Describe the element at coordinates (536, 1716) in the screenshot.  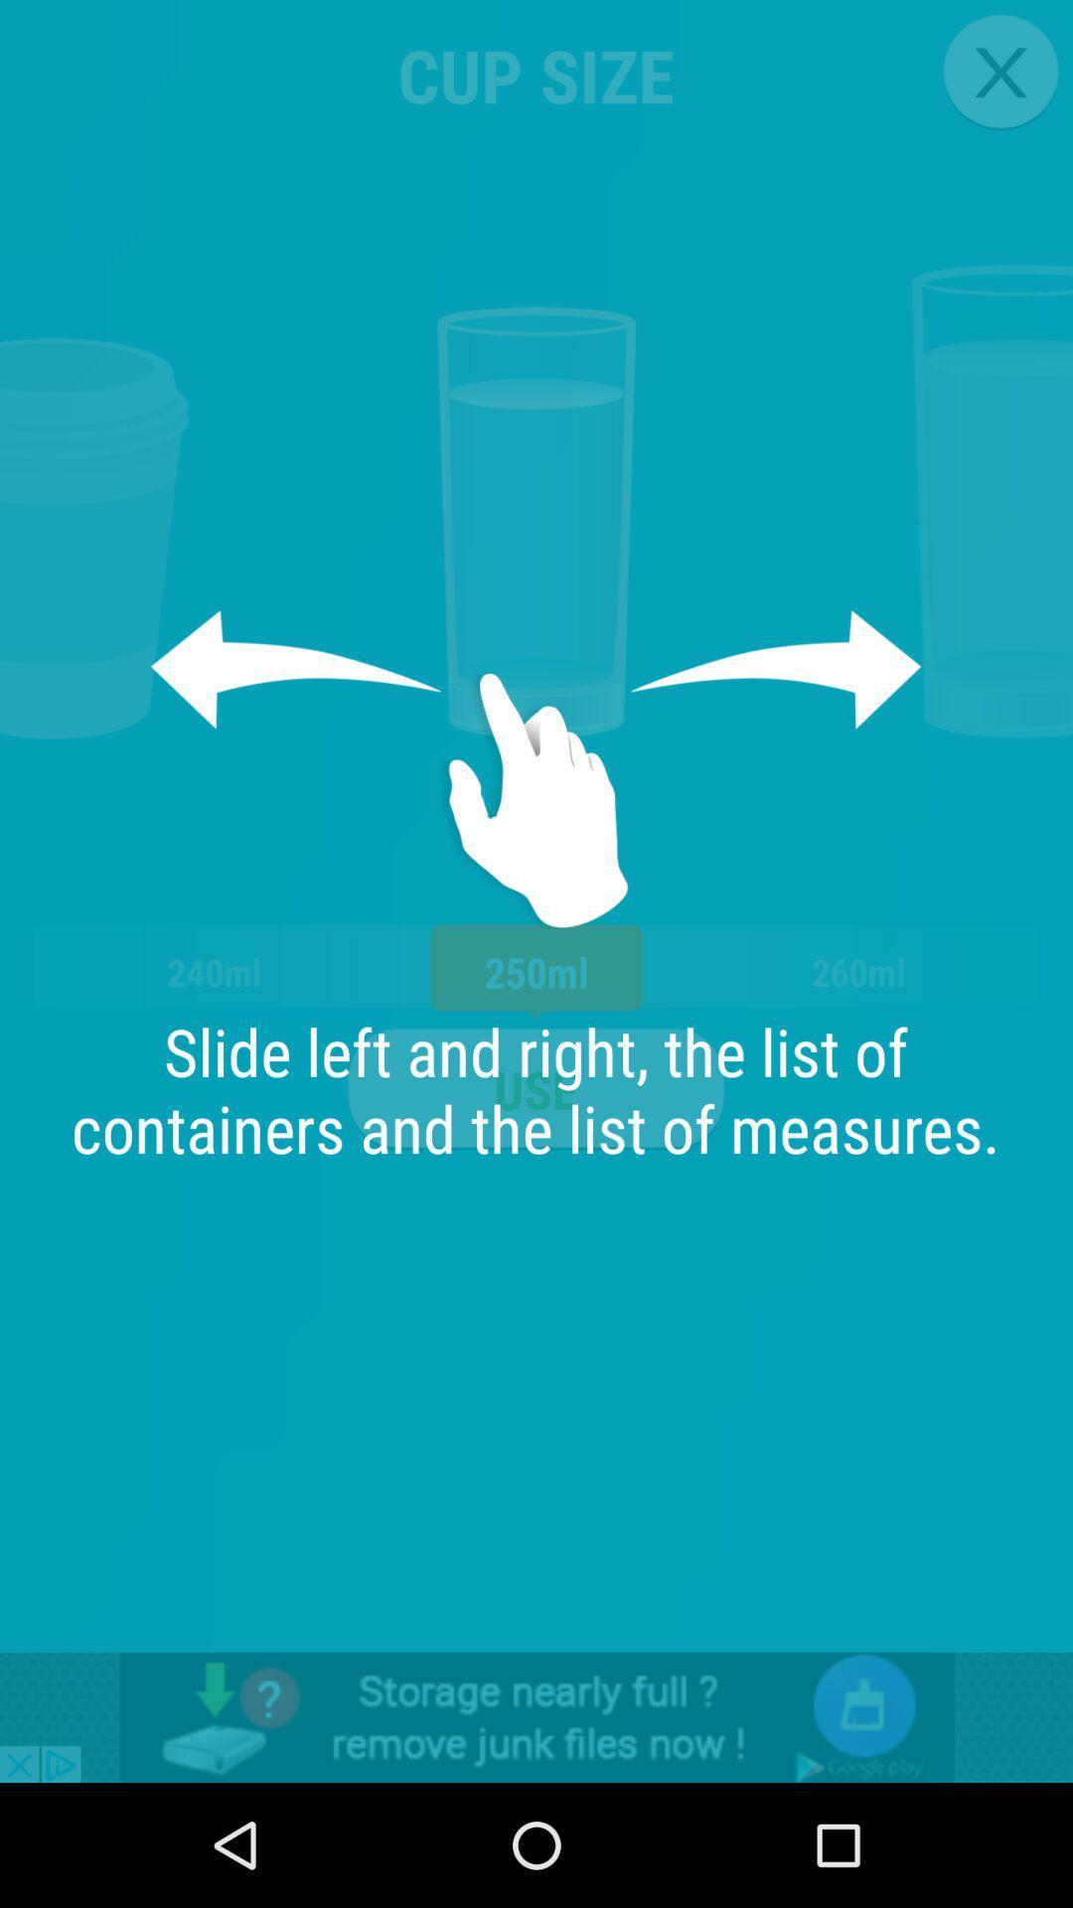
I see `advertisement` at that location.